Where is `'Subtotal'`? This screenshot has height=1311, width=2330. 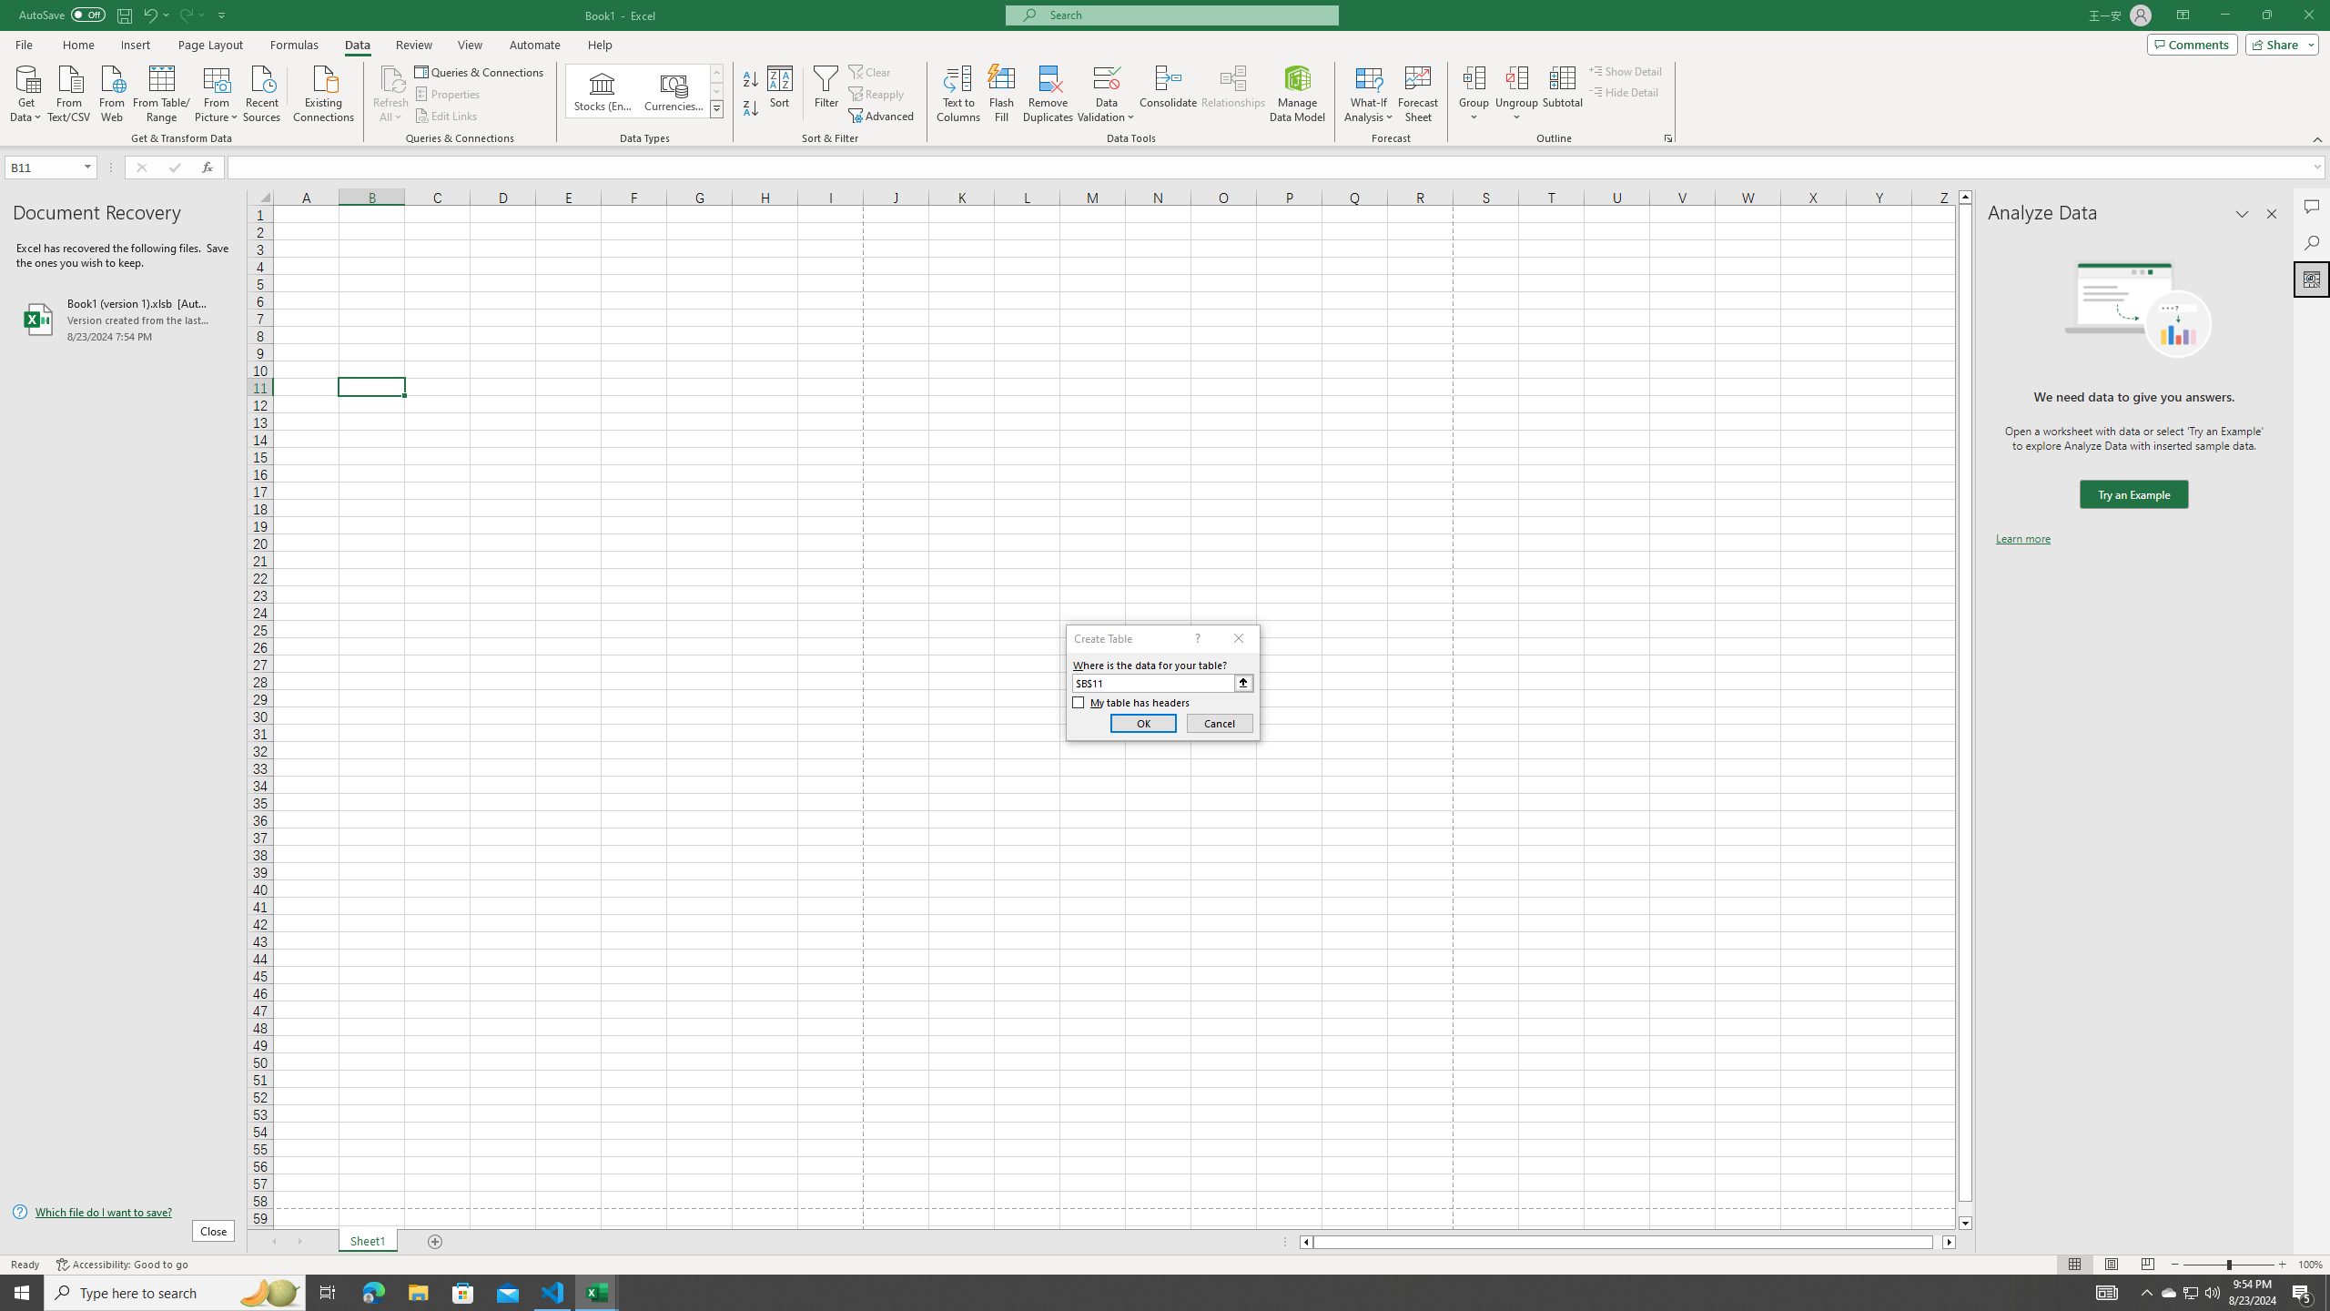 'Subtotal' is located at coordinates (1562, 94).